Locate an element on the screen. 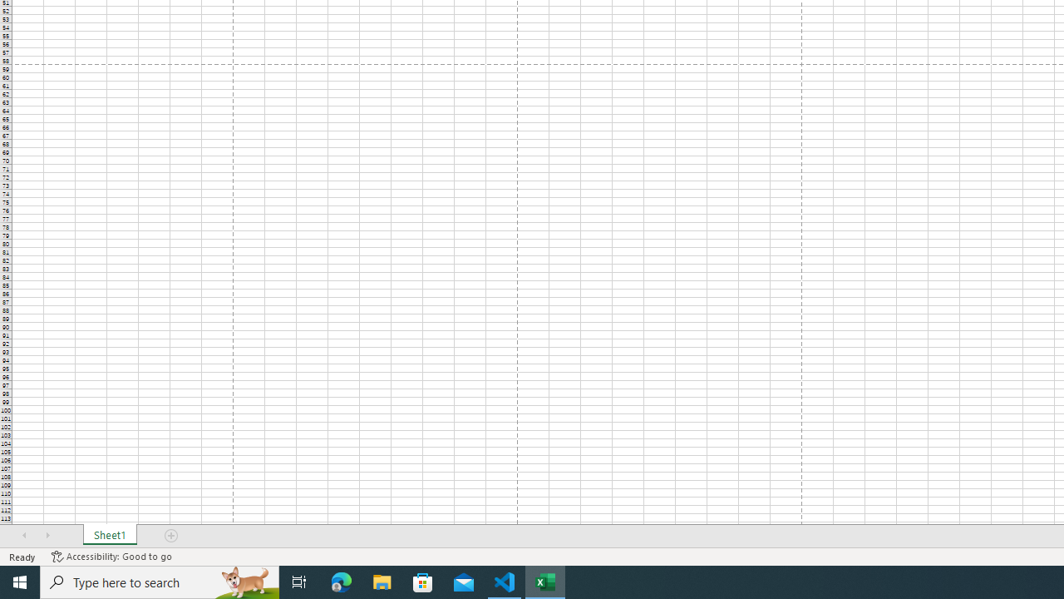 The width and height of the screenshot is (1064, 599). 'Scroll Right' is located at coordinates (47, 536).